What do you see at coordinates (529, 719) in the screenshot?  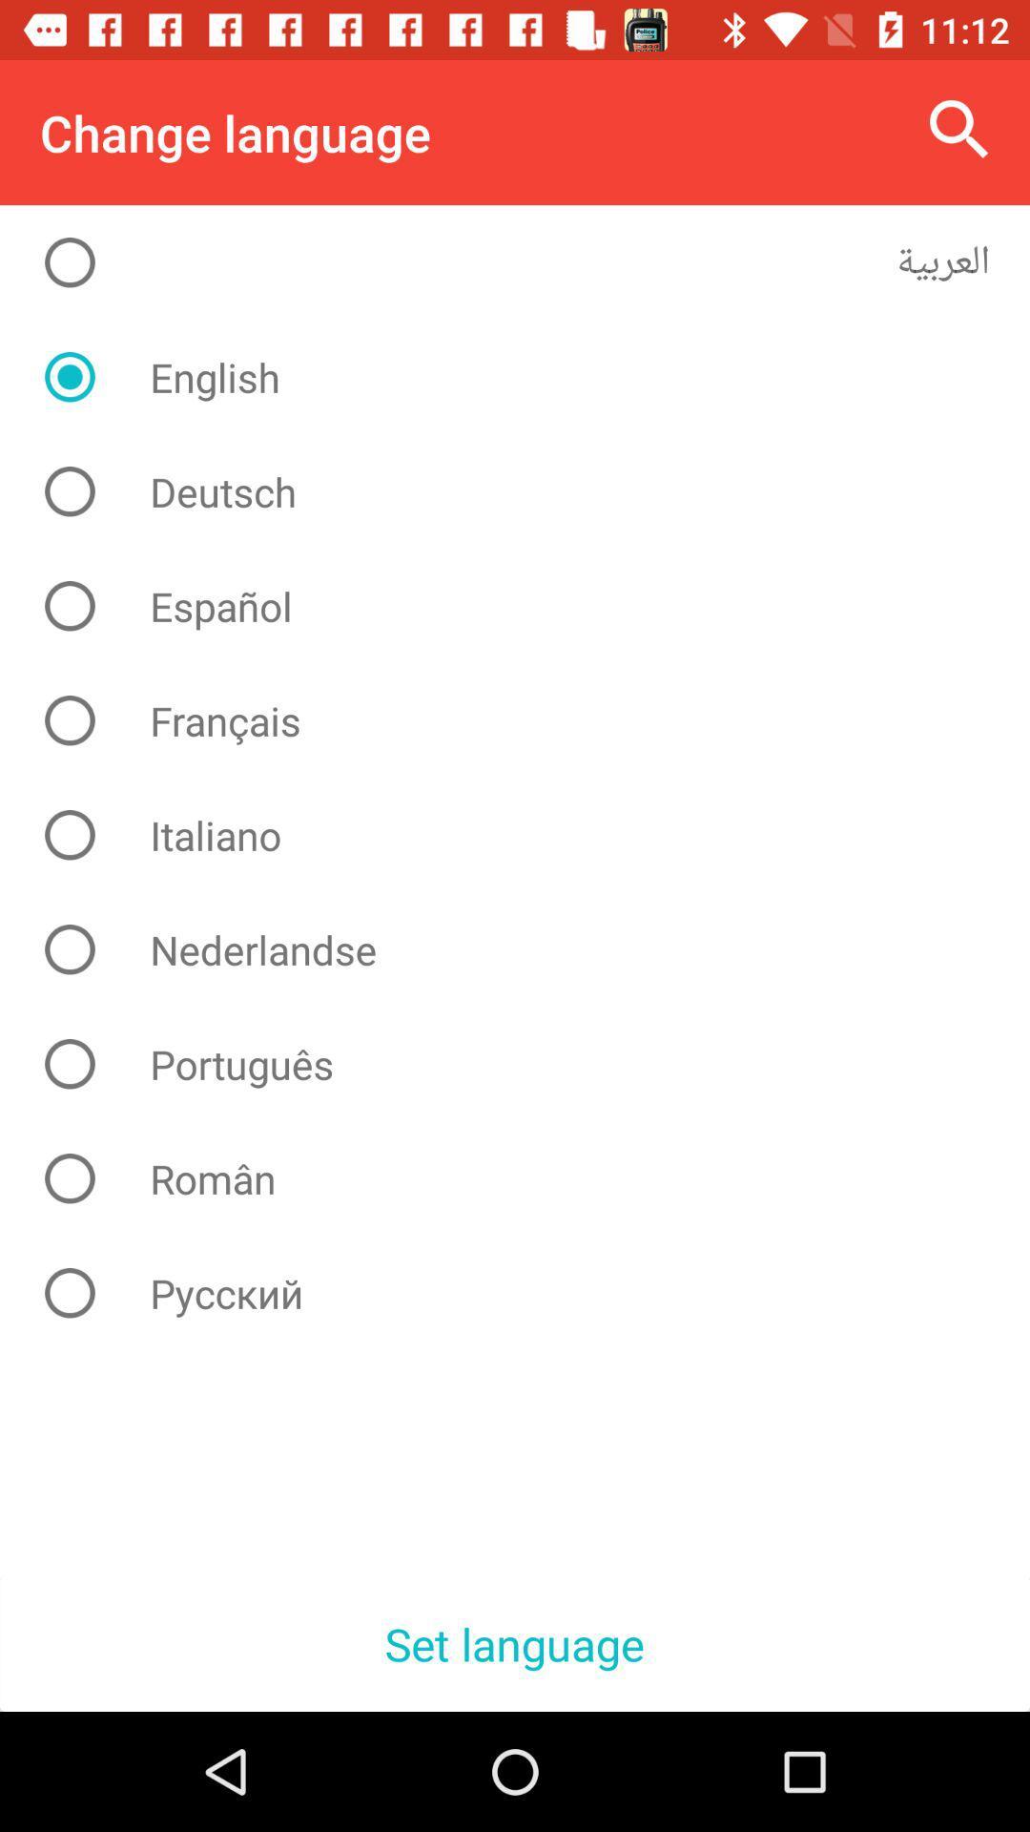 I see `item above the italiano` at bounding box center [529, 719].